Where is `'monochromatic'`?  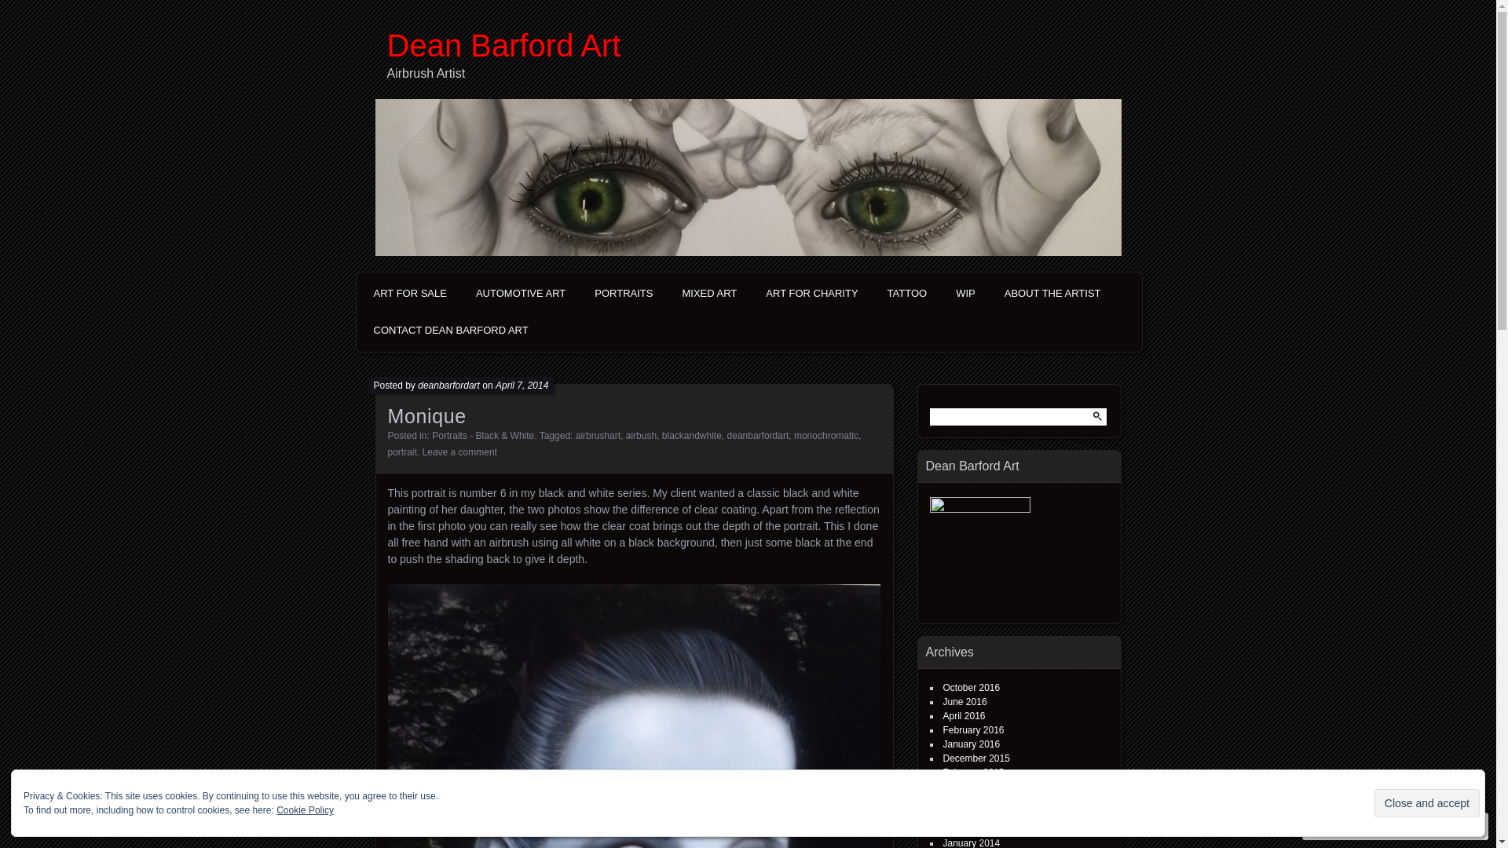 'monochromatic' is located at coordinates (825, 436).